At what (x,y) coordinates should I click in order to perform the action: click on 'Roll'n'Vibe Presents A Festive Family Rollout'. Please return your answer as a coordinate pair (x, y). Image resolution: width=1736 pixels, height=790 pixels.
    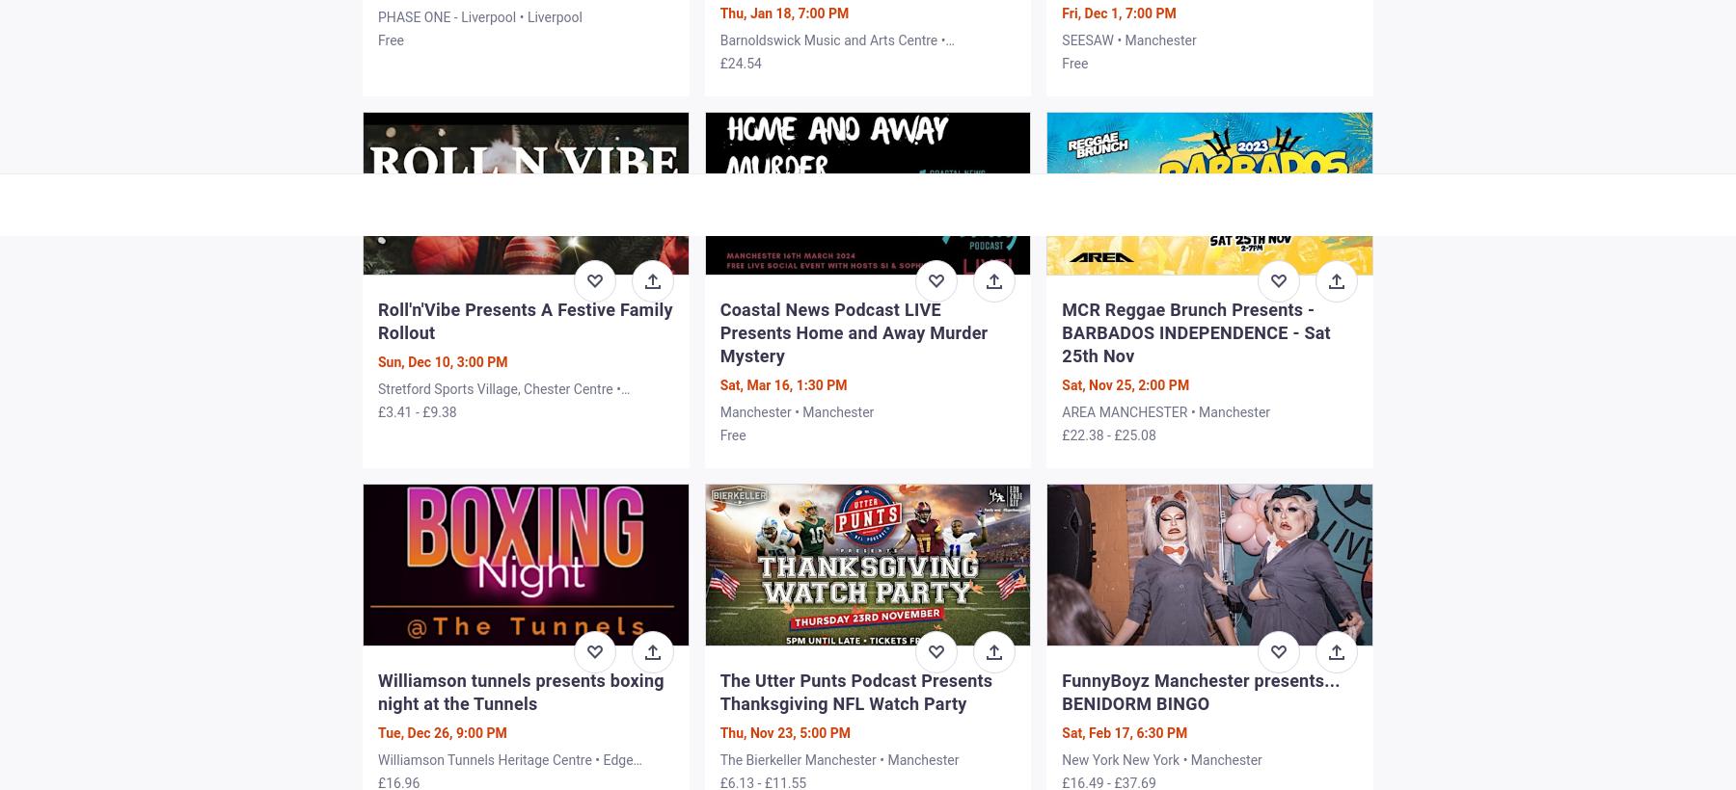
    Looking at the image, I should click on (524, 319).